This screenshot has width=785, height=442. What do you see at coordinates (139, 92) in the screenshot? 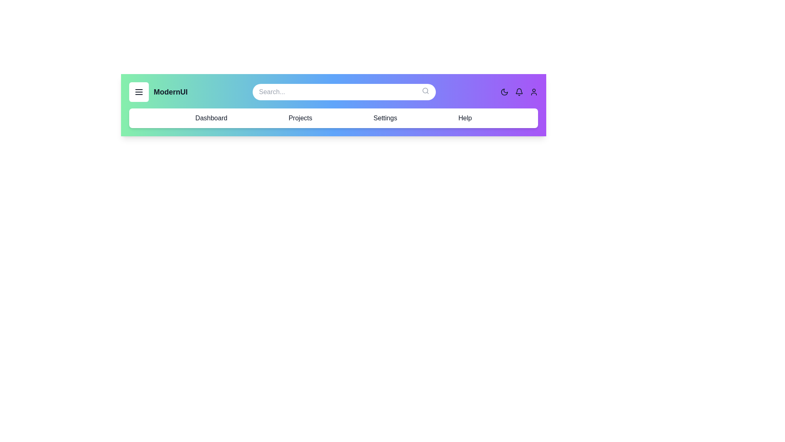
I see `the menu button to toggle the menu visibility` at bounding box center [139, 92].